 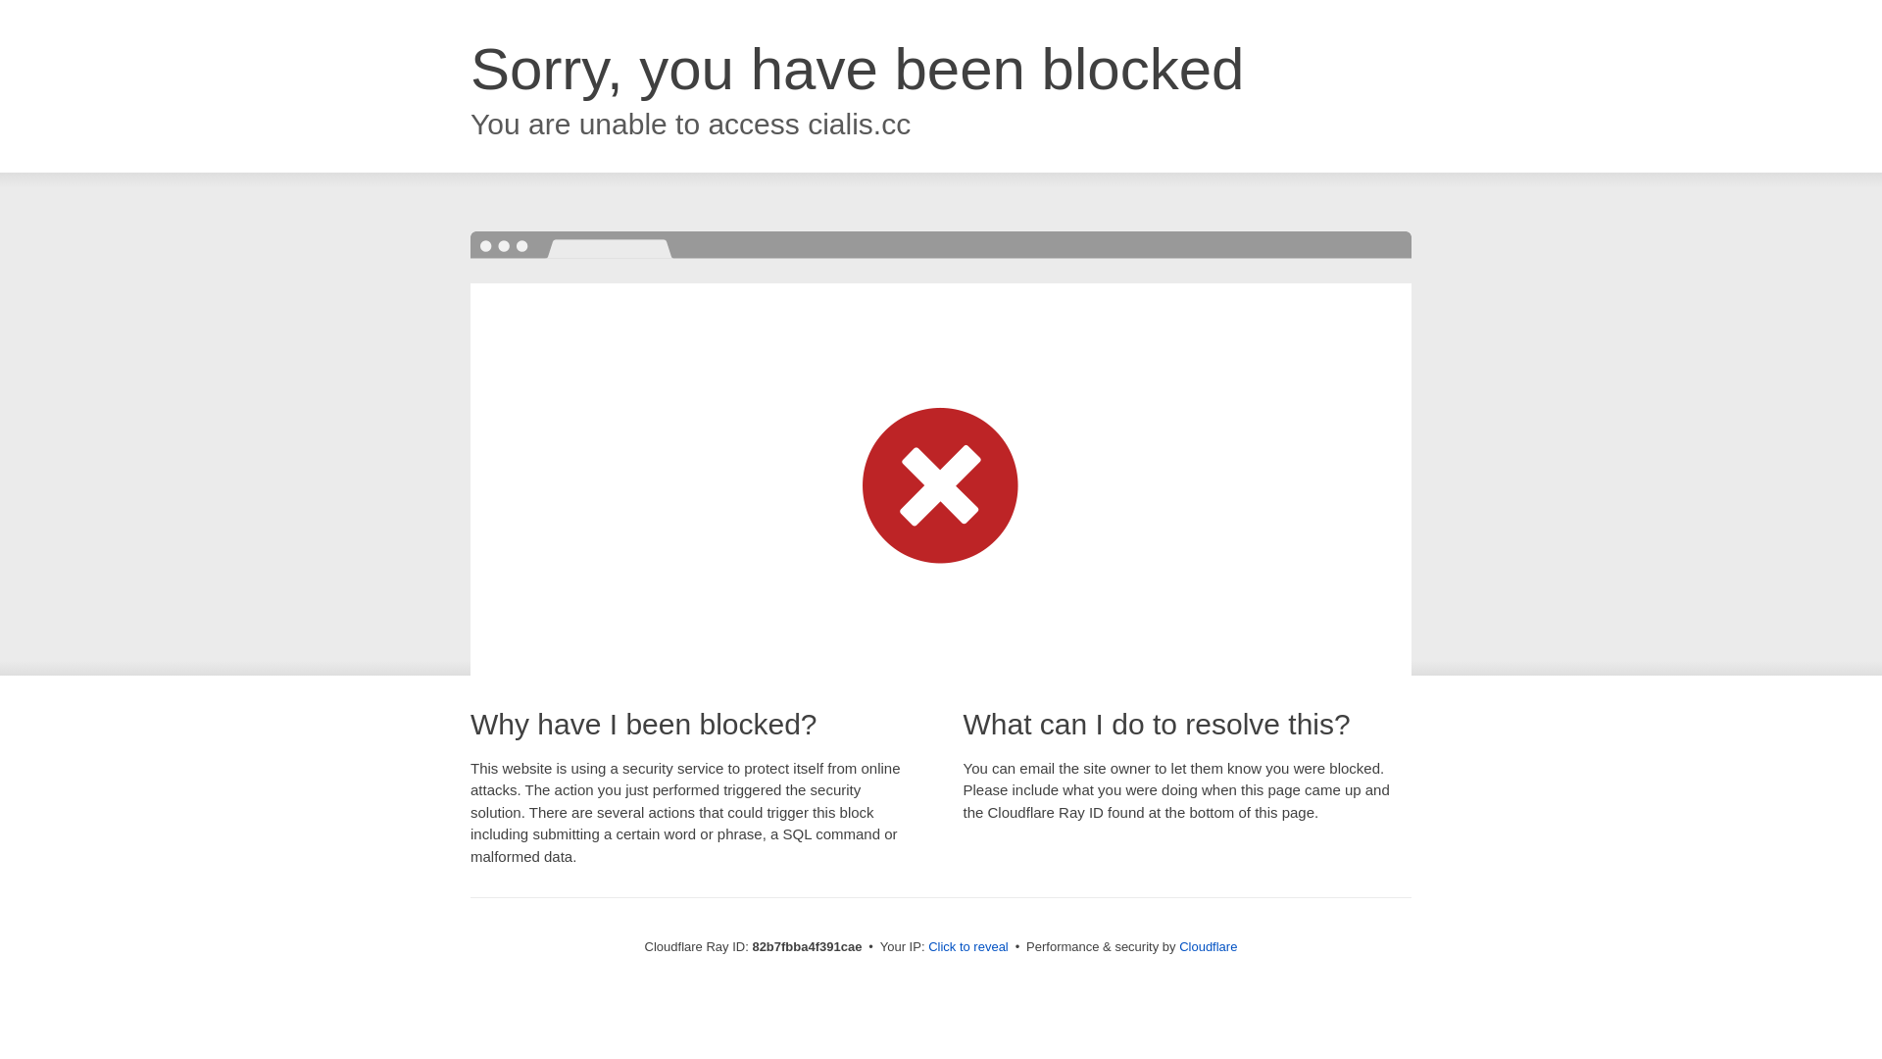 What do you see at coordinates (1207, 945) in the screenshot?
I see `'Cloudflare'` at bounding box center [1207, 945].